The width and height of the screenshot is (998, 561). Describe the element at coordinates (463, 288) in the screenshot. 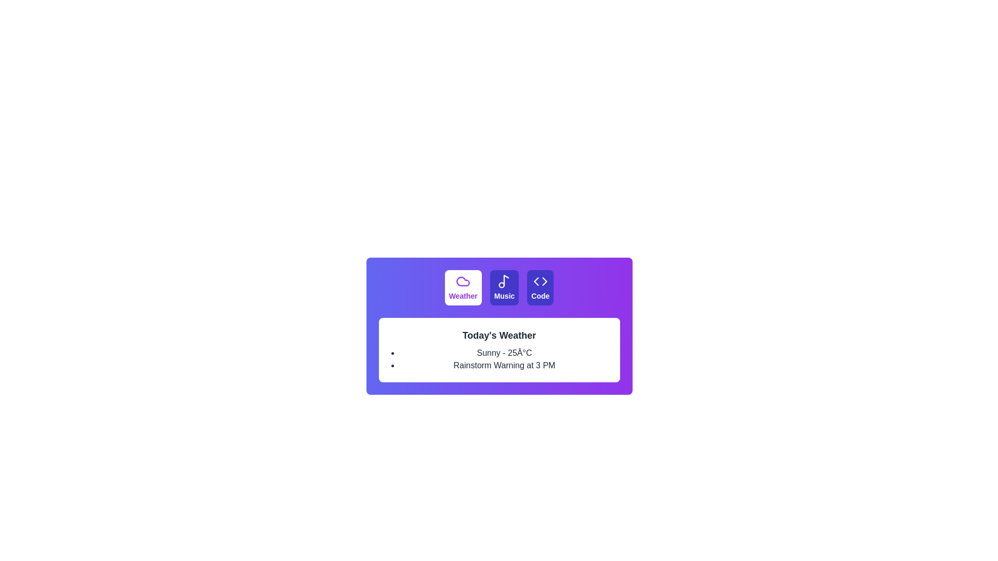

I see `the first button in the top-center navigation group which provides access to weather-related information` at that location.